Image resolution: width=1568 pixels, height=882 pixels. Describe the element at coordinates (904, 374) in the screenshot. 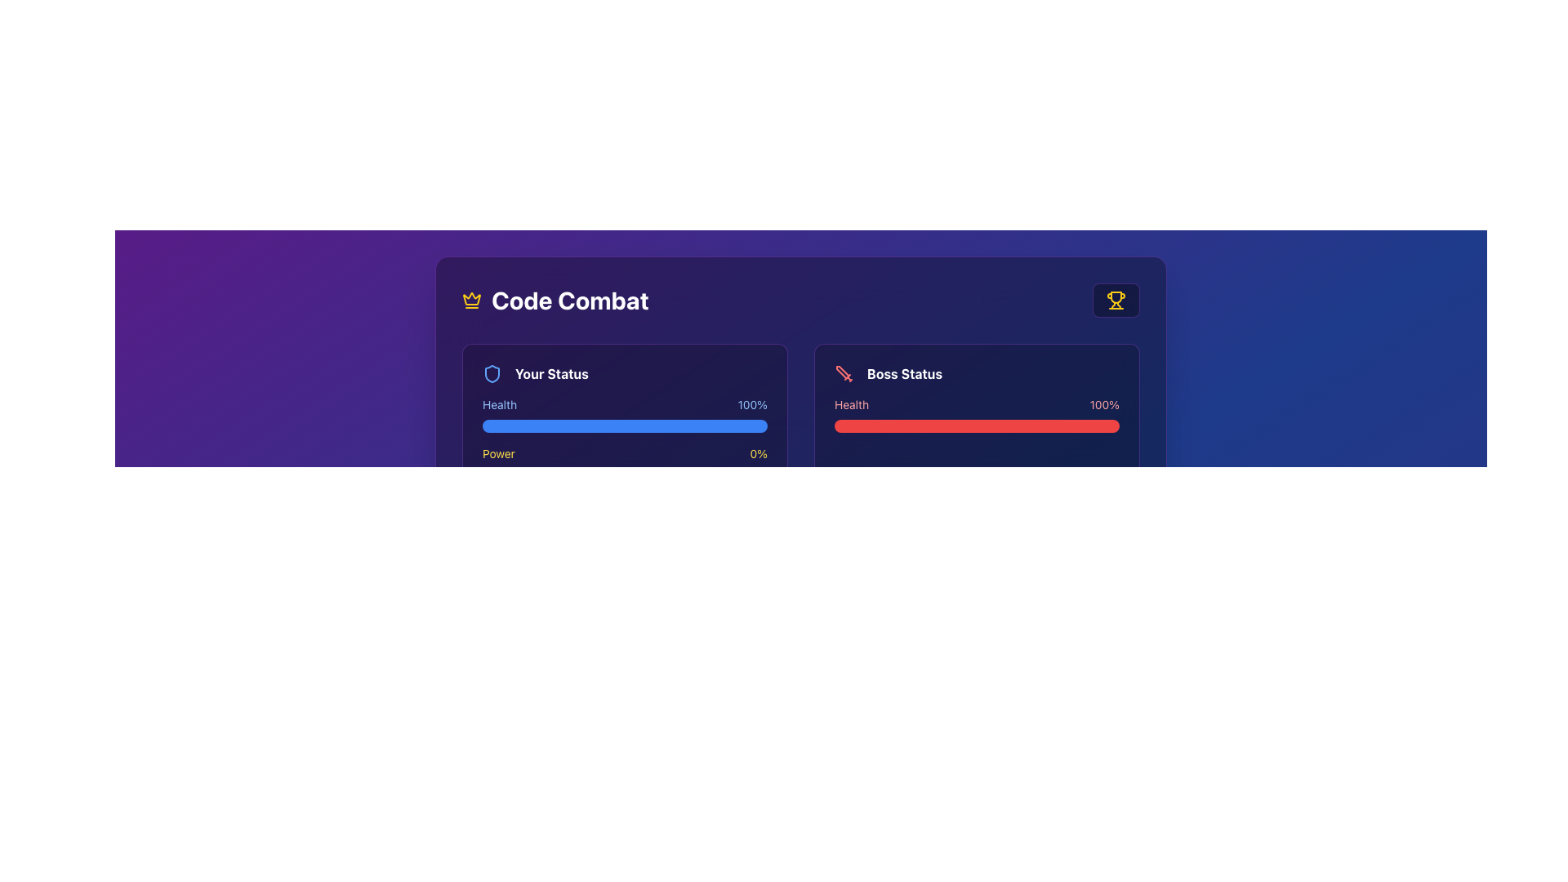

I see `the status label of the 'Boss' entity located in the upper-right section of the interface, which indicates the boss health status` at that location.